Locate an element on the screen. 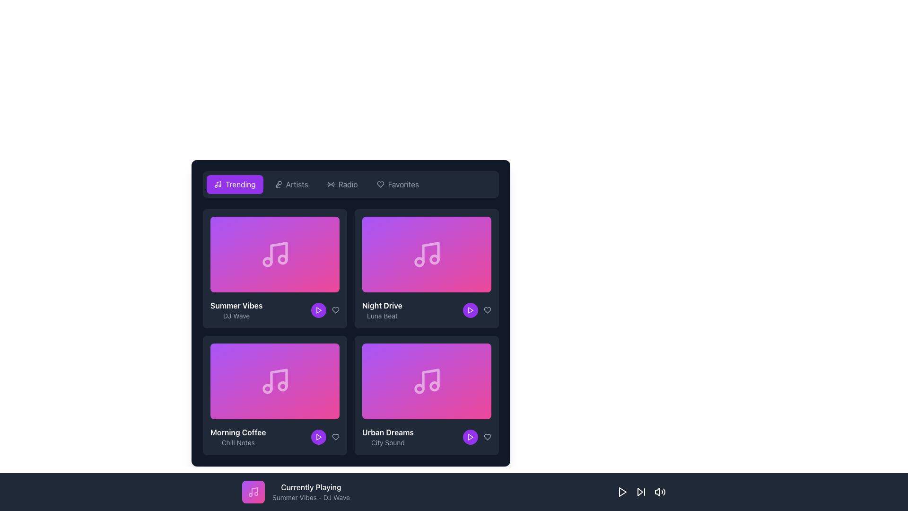  the 'Artists' button, which is the second tab from the left in a horizontal row of tabs is located at coordinates (291, 184).